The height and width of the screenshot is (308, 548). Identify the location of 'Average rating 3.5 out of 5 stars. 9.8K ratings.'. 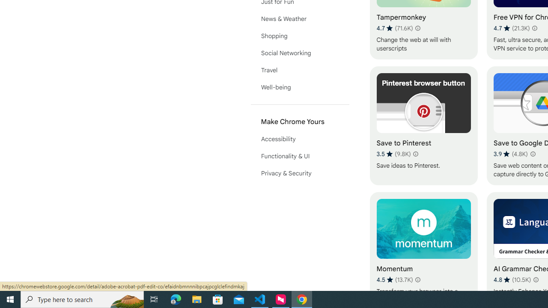
(393, 154).